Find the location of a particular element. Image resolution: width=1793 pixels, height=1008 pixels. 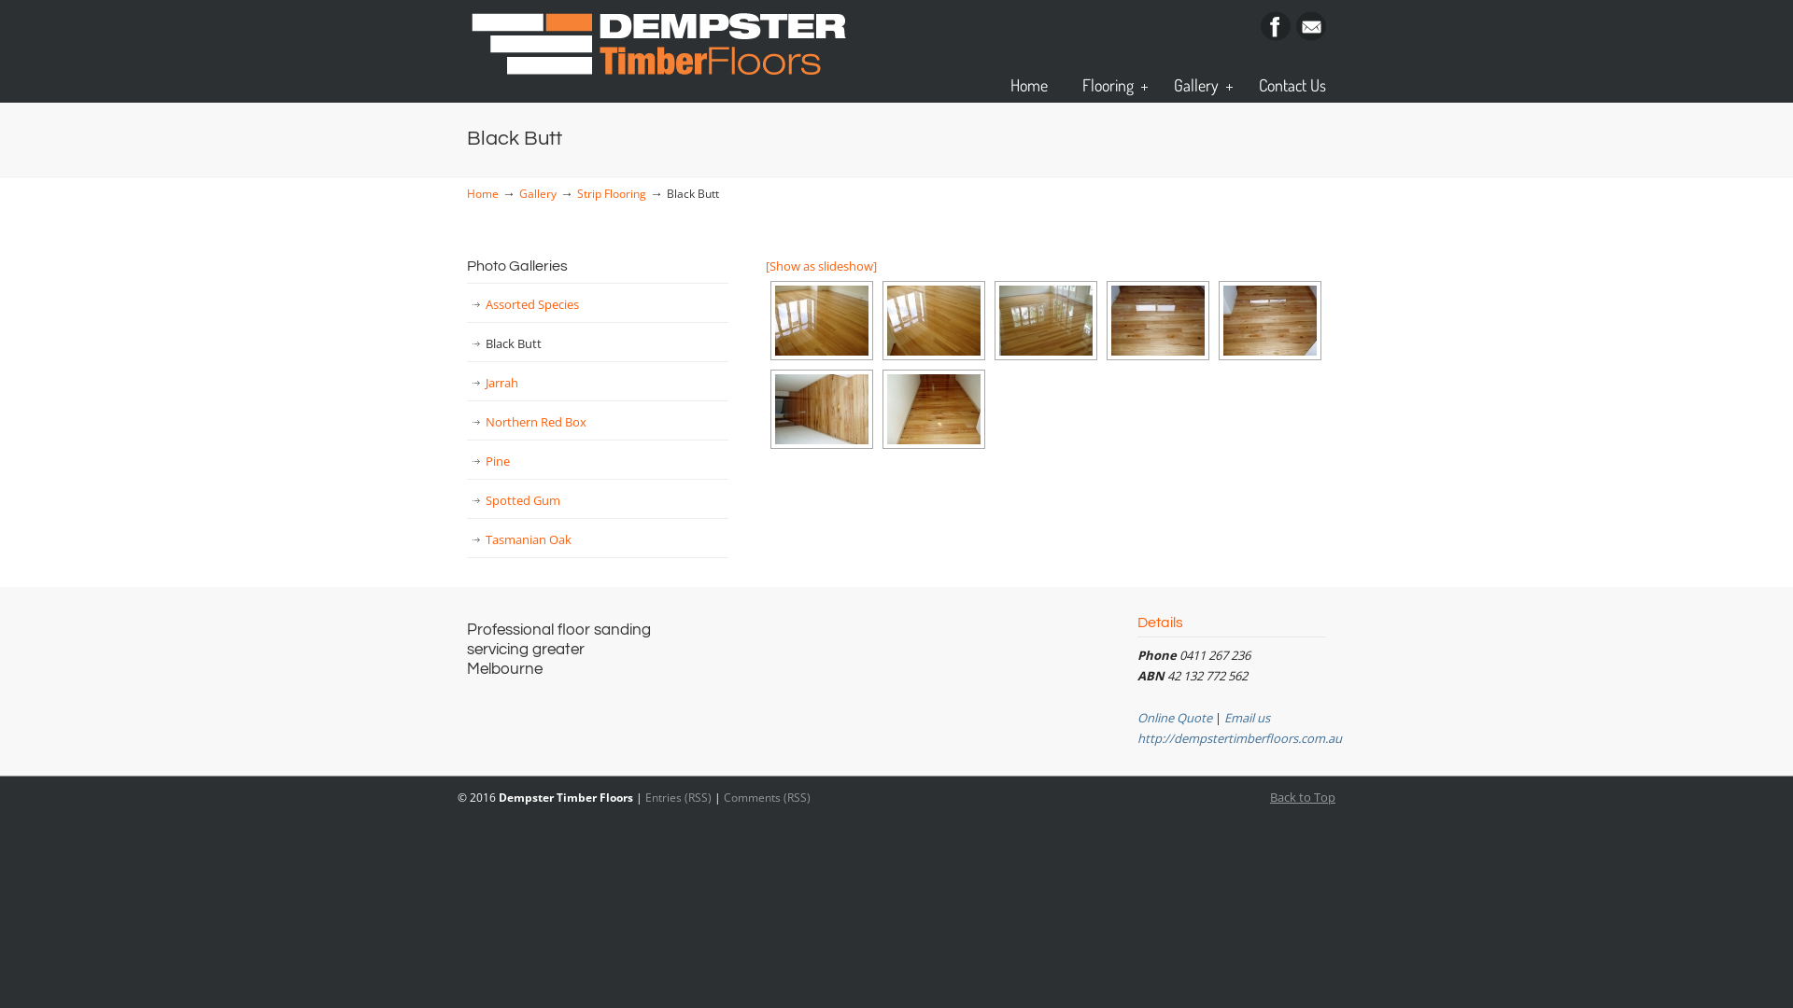

'Assorted Species' is located at coordinates (596, 303).